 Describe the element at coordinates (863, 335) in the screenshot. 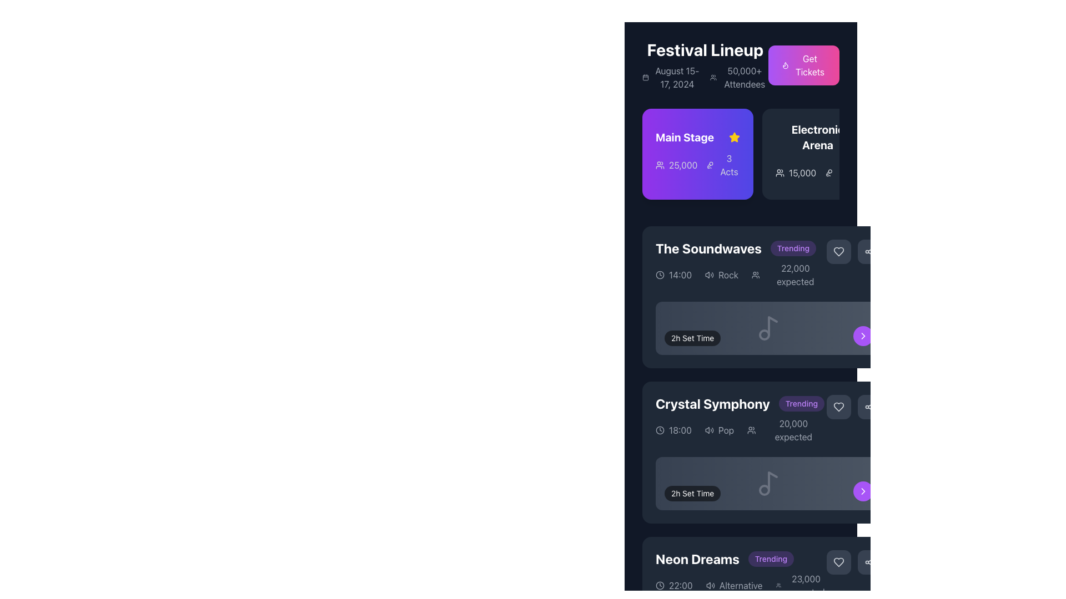

I see `the circular navigational arrow icon associated with the 'Crystal Symphony' event` at that location.